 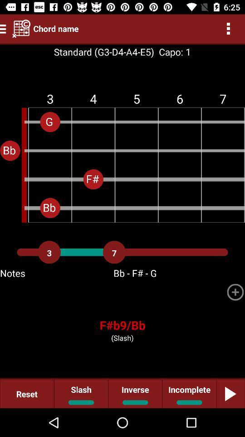 What do you see at coordinates (122, 325) in the screenshot?
I see `the icon above (slash)` at bounding box center [122, 325].